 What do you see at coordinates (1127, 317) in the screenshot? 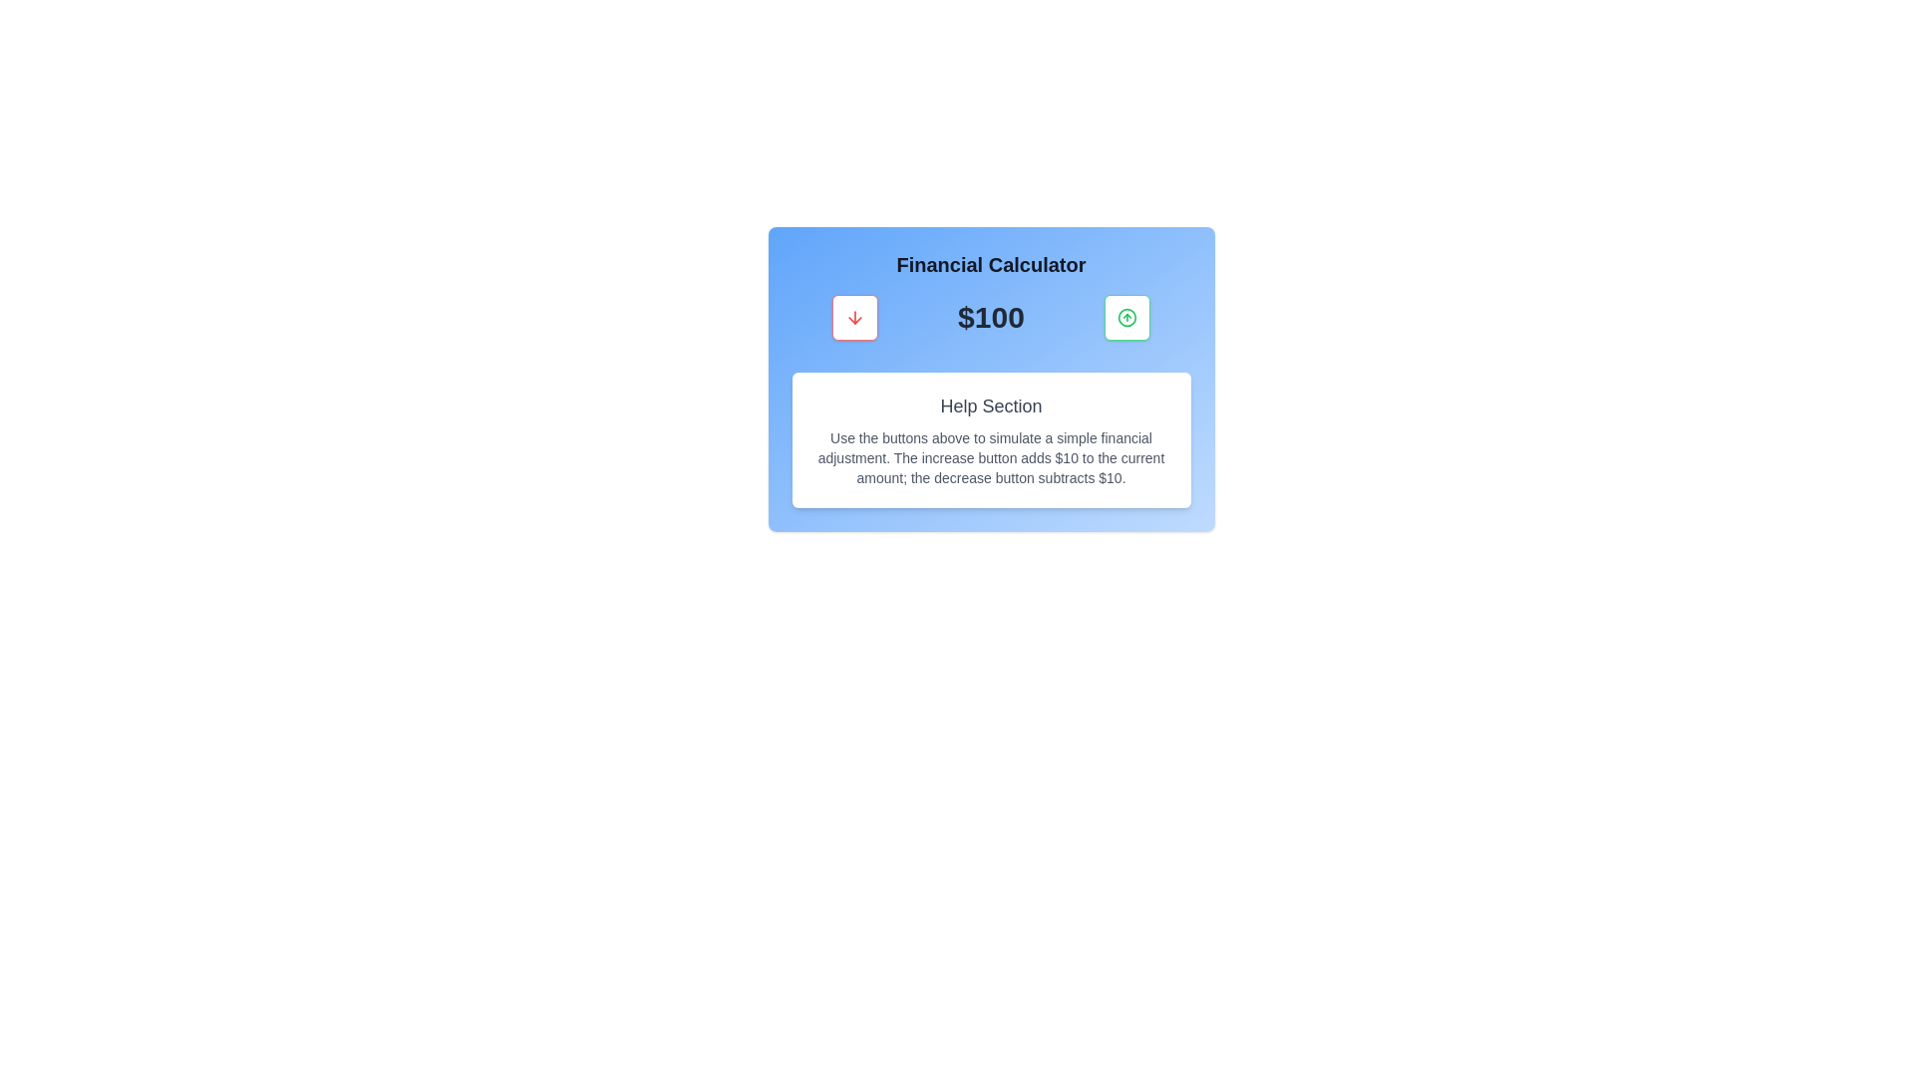
I see `the Circular button with an icon located in the top-right corner of the financial calculator` at bounding box center [1127, 317].